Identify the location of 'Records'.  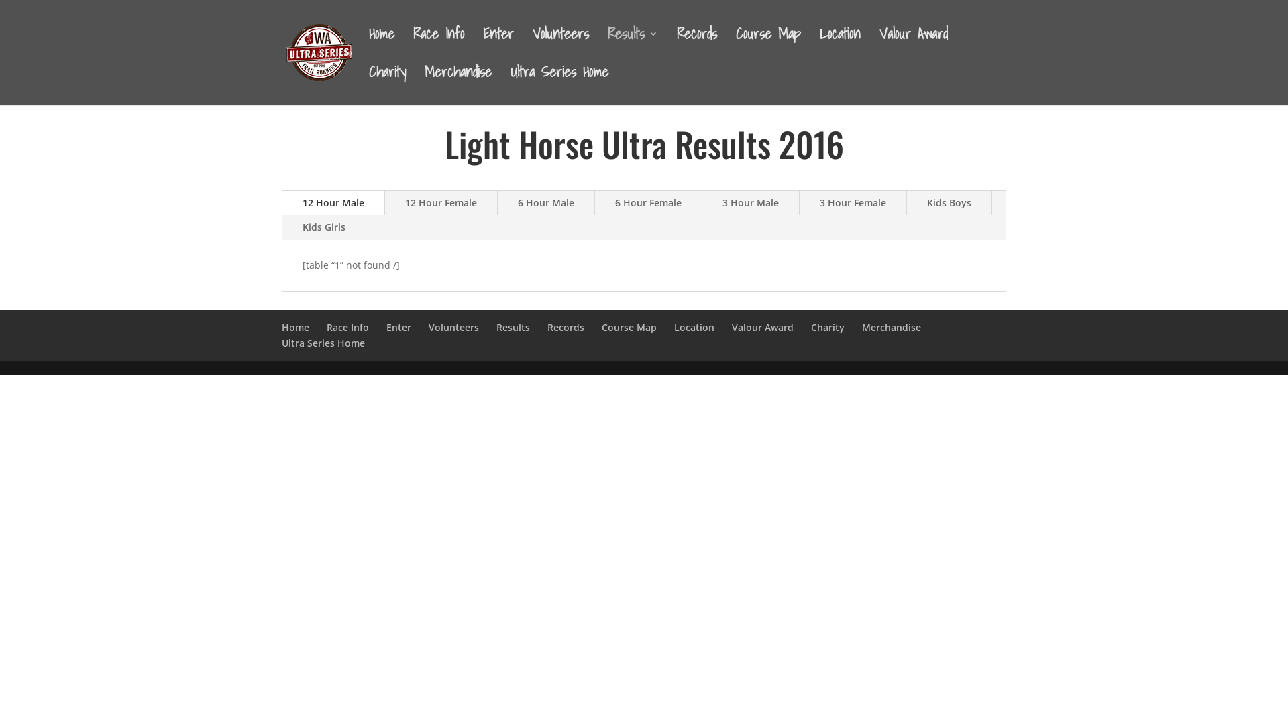
(547, 327).